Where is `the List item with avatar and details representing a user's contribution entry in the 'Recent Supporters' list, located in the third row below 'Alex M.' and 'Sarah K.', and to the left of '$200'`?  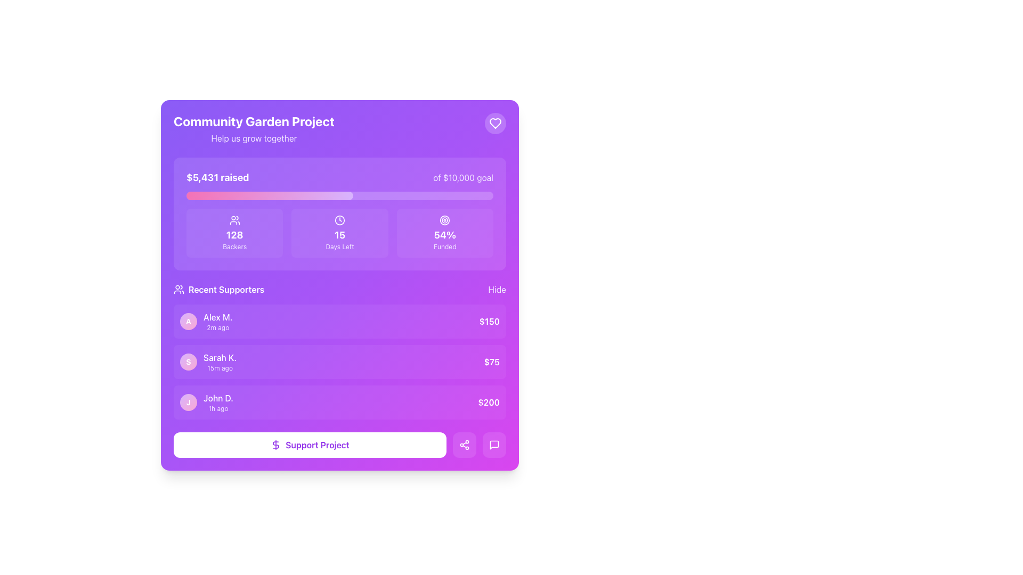 the List item with avatar and details representing a user's contribution entry in the 'Recent Supporters' list, located in the third row below 'Alex M.' and 'Sarah K.', and to the left of '$200' is located at coordinates (207, 402).